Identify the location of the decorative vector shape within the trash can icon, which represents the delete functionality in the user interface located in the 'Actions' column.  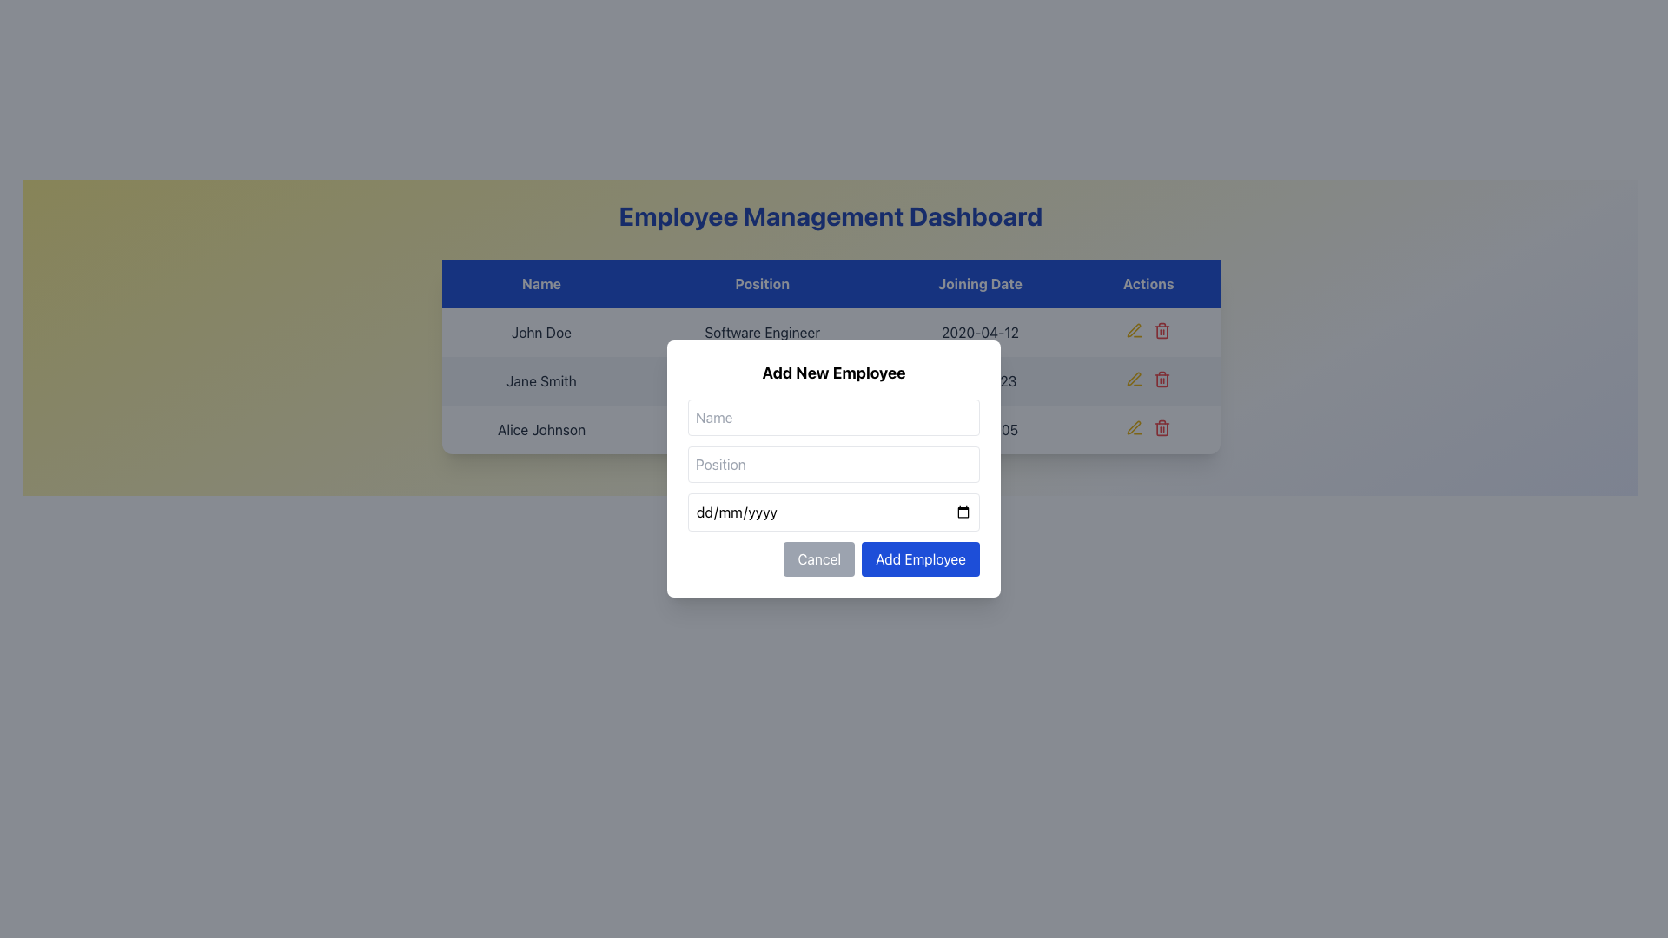
(1162, 380).